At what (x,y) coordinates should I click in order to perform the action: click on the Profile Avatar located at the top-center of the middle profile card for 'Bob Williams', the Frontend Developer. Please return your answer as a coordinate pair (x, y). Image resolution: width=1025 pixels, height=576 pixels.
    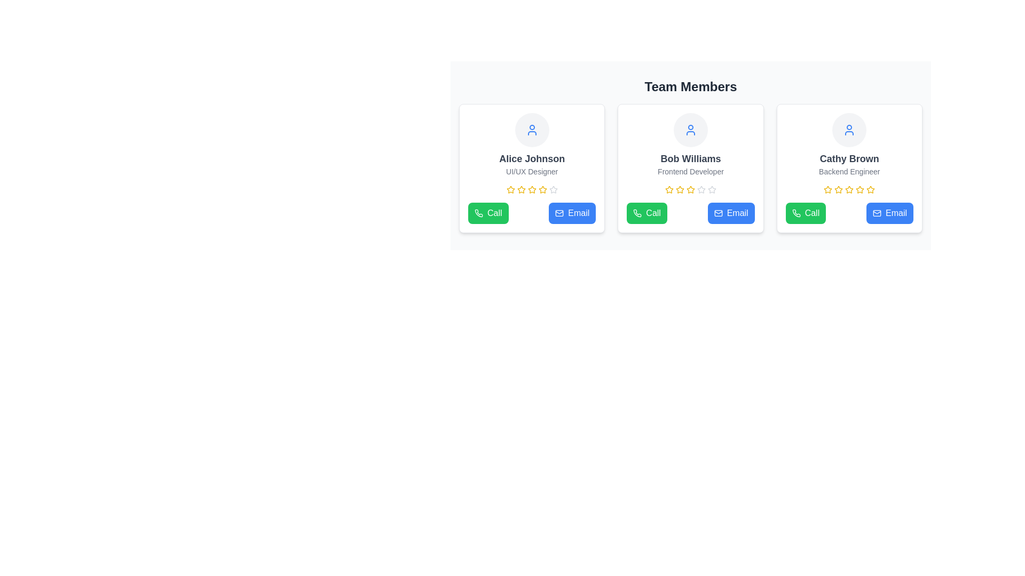
    Looking at the image, I should click on (690, 129).